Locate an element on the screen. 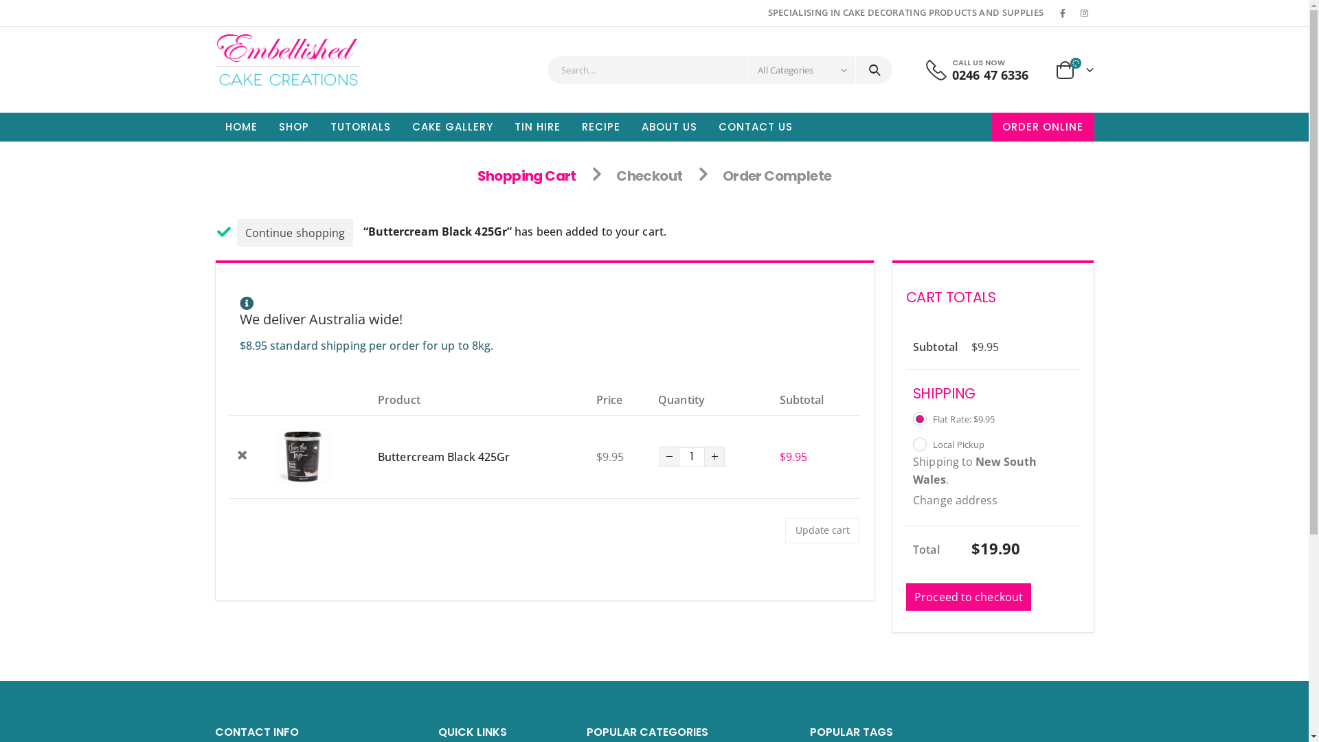 The width and height of the screenshot is (1319, 742). 'Update cart' is located at coordinates (785, 530).